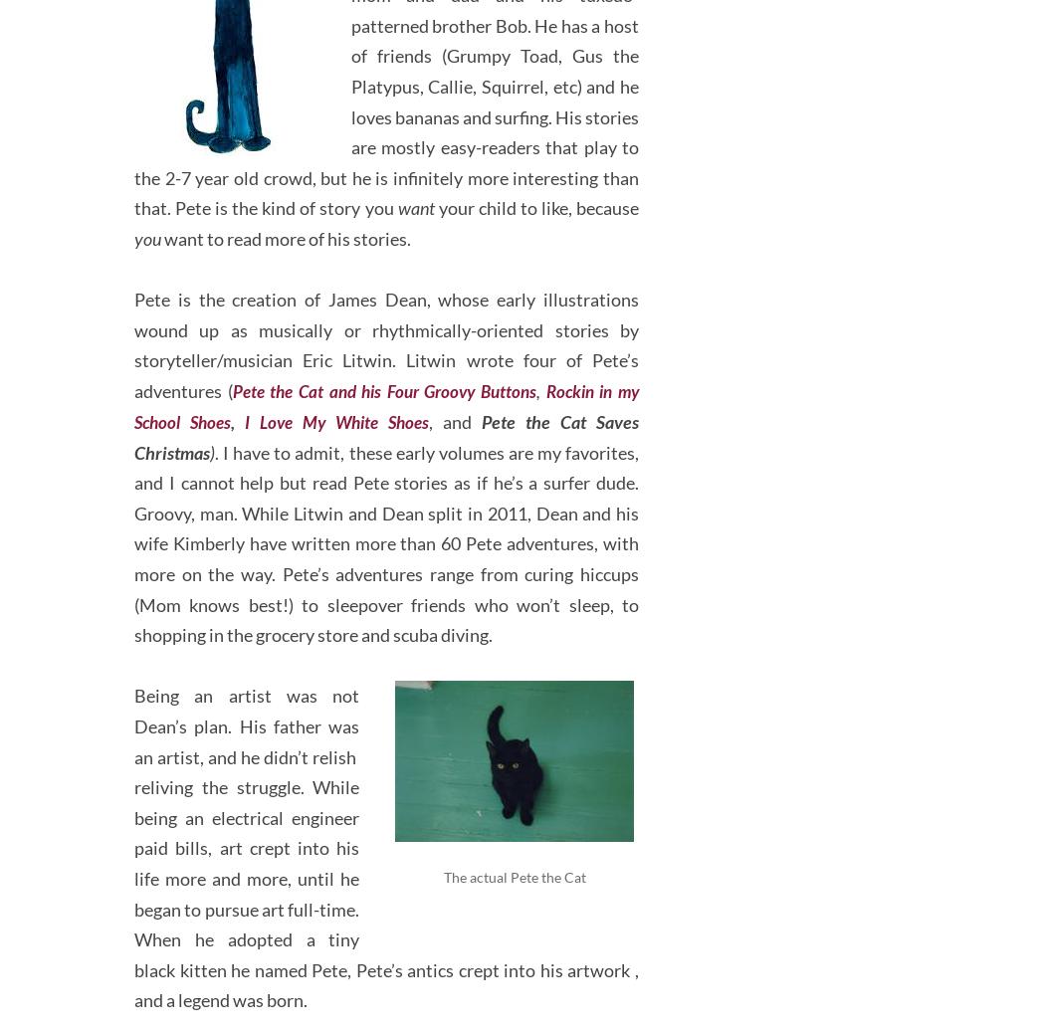  Describe the element at coordinates (414, 197) in the screenshot. I see `'want'` at that location.